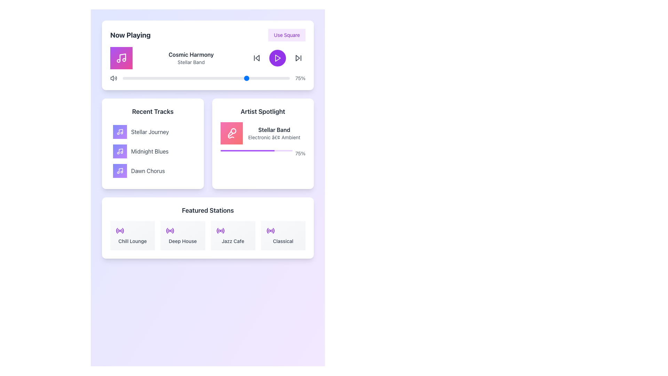 This screenshot has height=376, width=668. I want to click on progress, so click(258, 150).